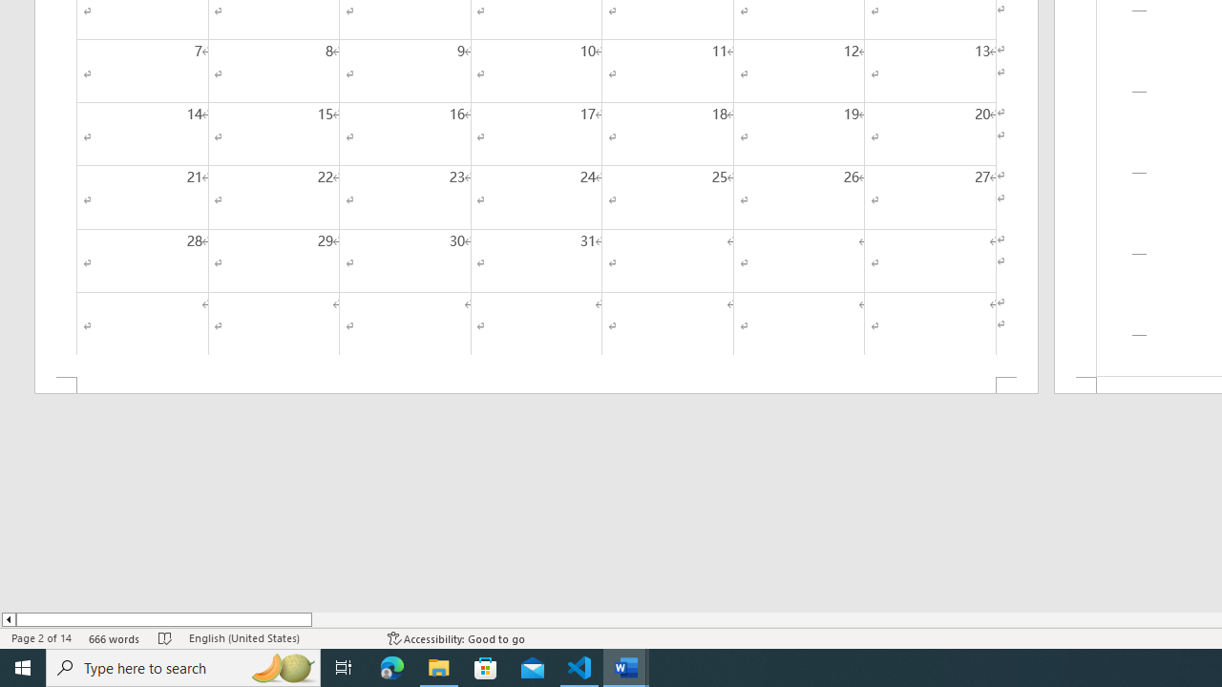 Image resolution: width=1222 pixels, height=687 pixels. I want to click on 'Language English (United States)', so click(278, 638).